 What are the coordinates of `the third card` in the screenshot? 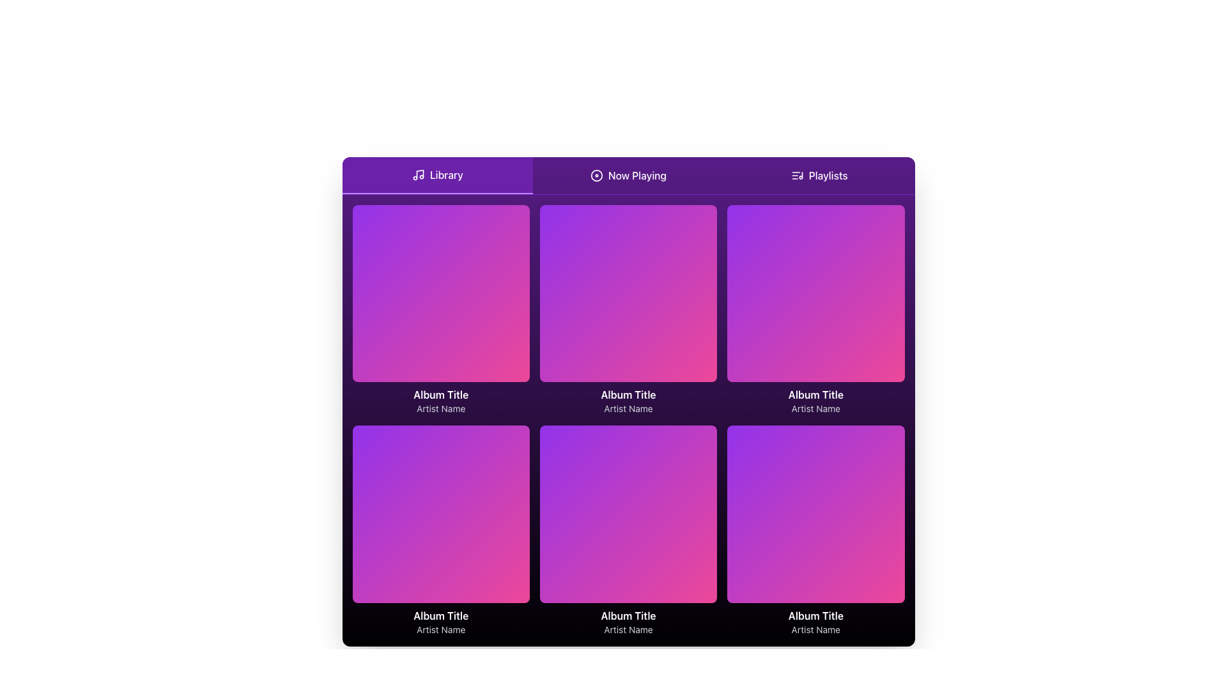 It's located at (815, 310).